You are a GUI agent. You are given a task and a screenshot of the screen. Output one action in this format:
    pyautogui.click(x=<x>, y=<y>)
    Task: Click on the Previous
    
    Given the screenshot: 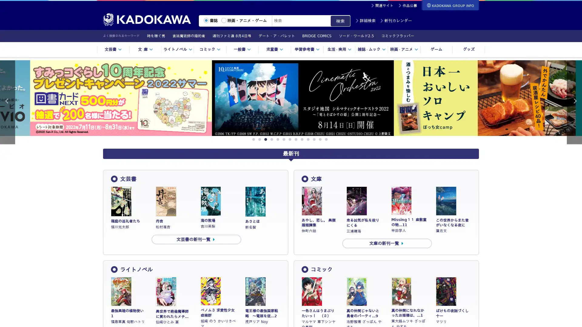 What is the action you would take?
    pyautogui.click(x=138, y=36)
    